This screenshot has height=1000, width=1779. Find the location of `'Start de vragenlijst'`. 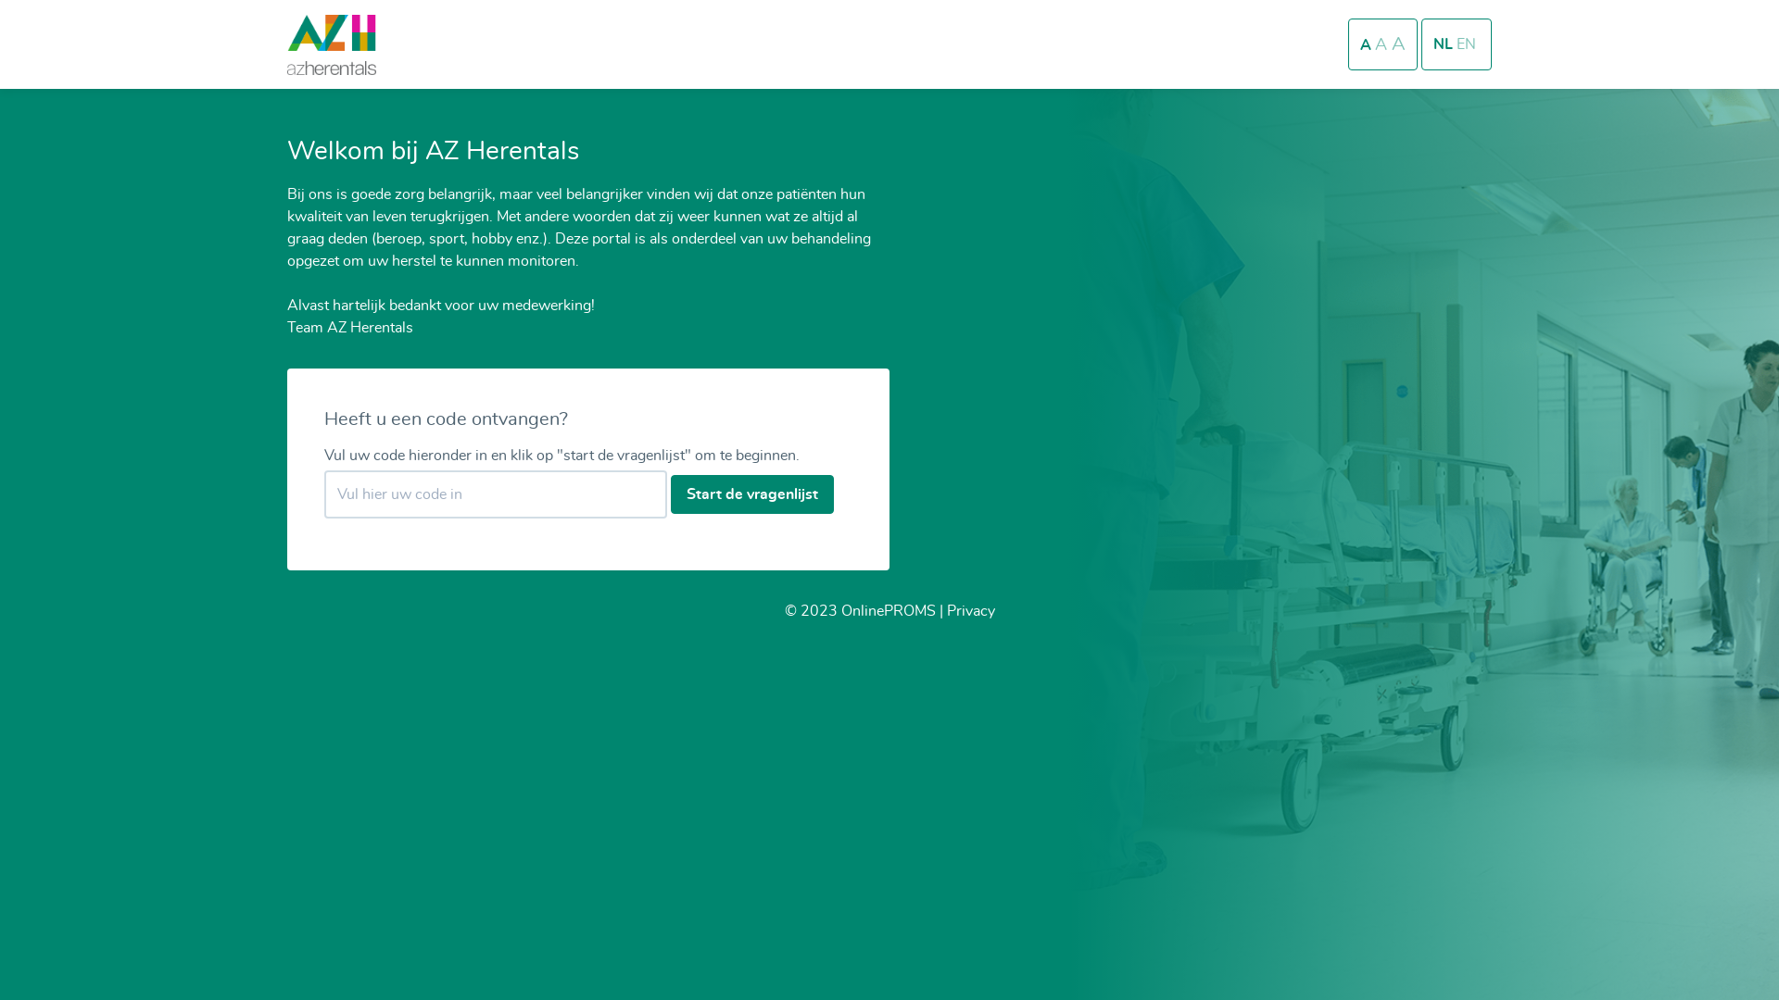

'Start de vragenlijst' is located at coordinates (670, 493).